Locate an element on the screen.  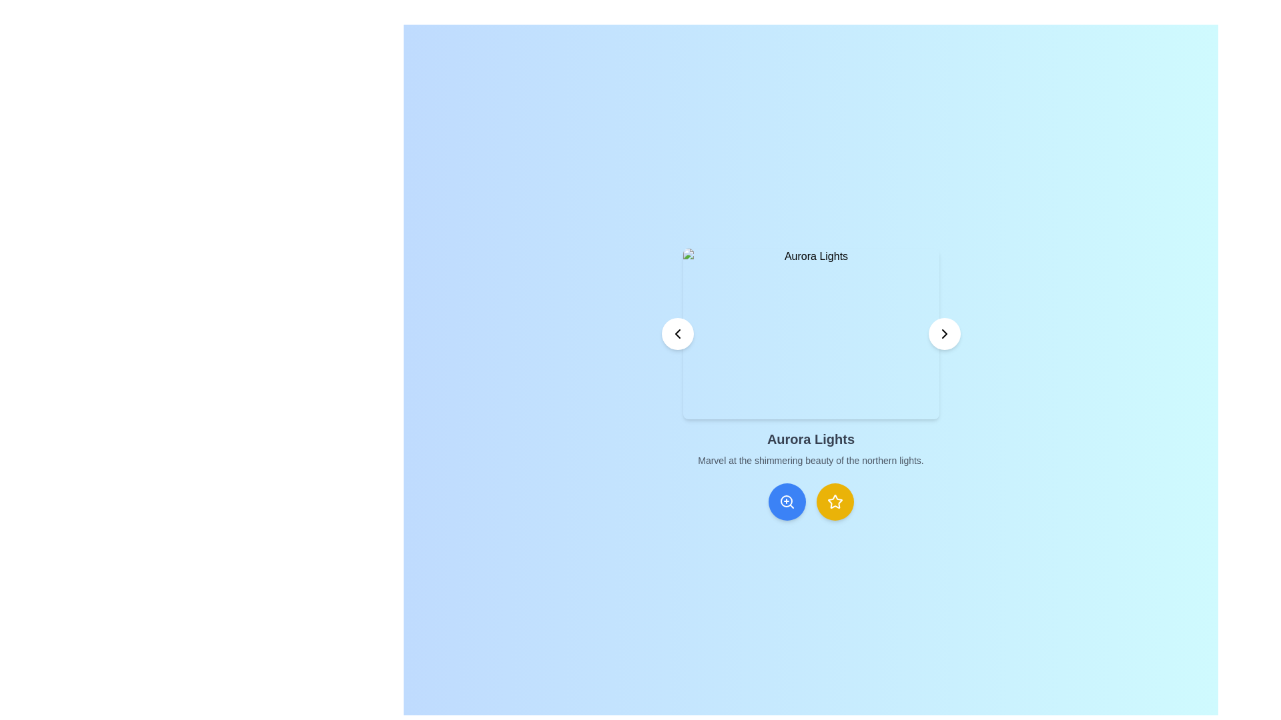
the circular button with a right-facing chevron to change its appearance is located at coordinates (943, 333).